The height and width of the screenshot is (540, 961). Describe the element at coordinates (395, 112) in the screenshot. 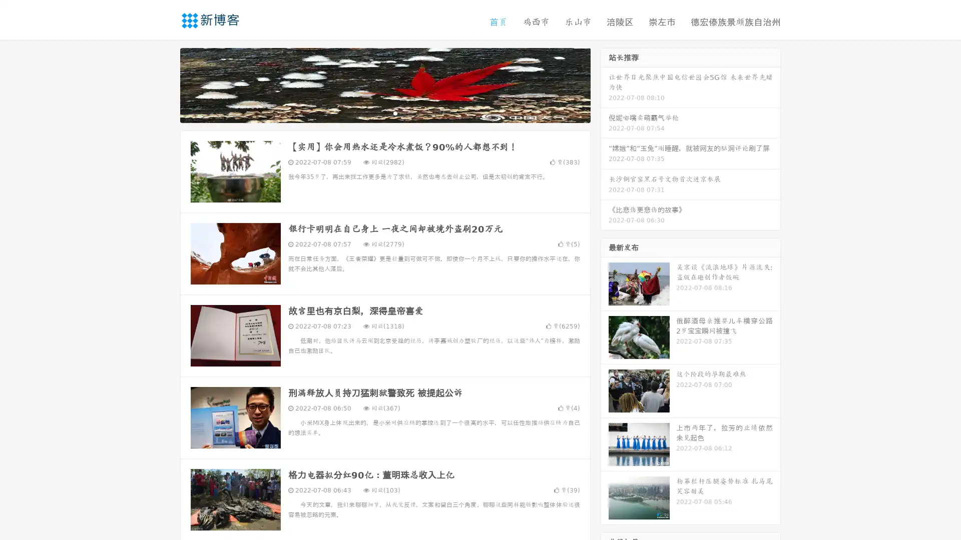

I see `Go to slide 3` at that location.